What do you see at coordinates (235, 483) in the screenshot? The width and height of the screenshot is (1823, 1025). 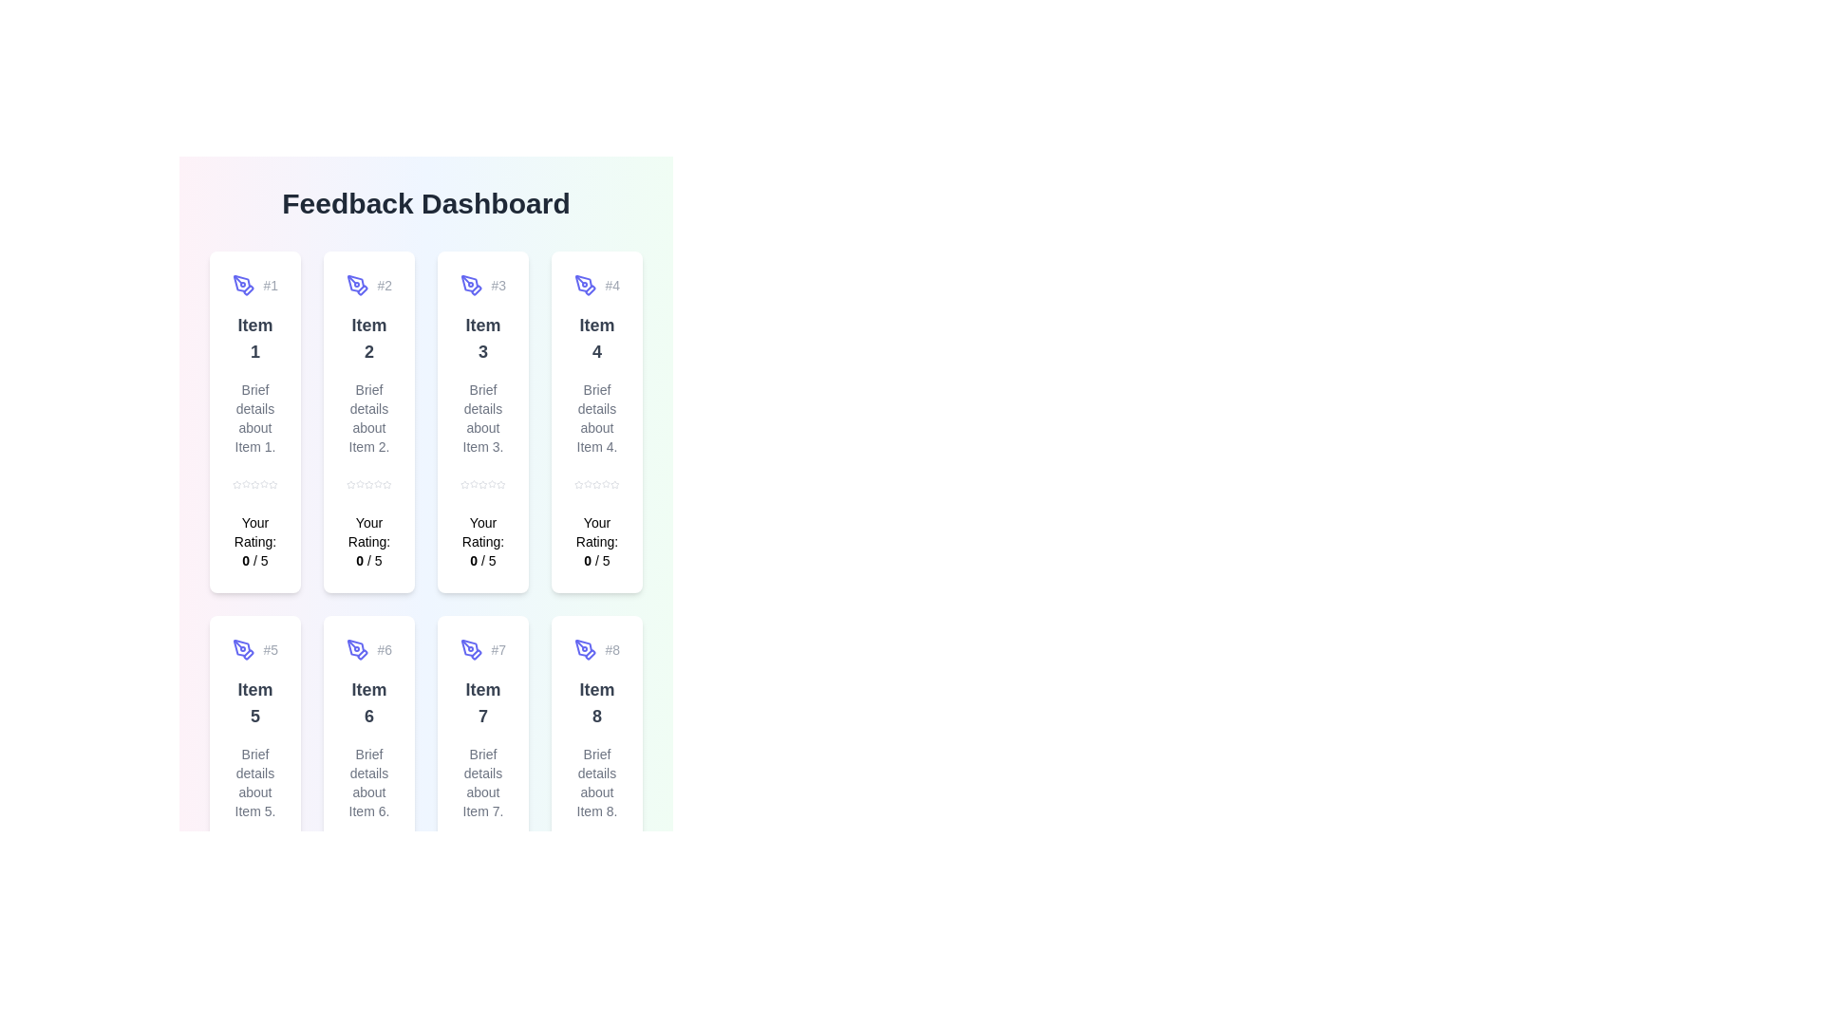 I see `the rating of an item to 1 stars by clicking on the corresponding star` at bounding box center [235, 483].